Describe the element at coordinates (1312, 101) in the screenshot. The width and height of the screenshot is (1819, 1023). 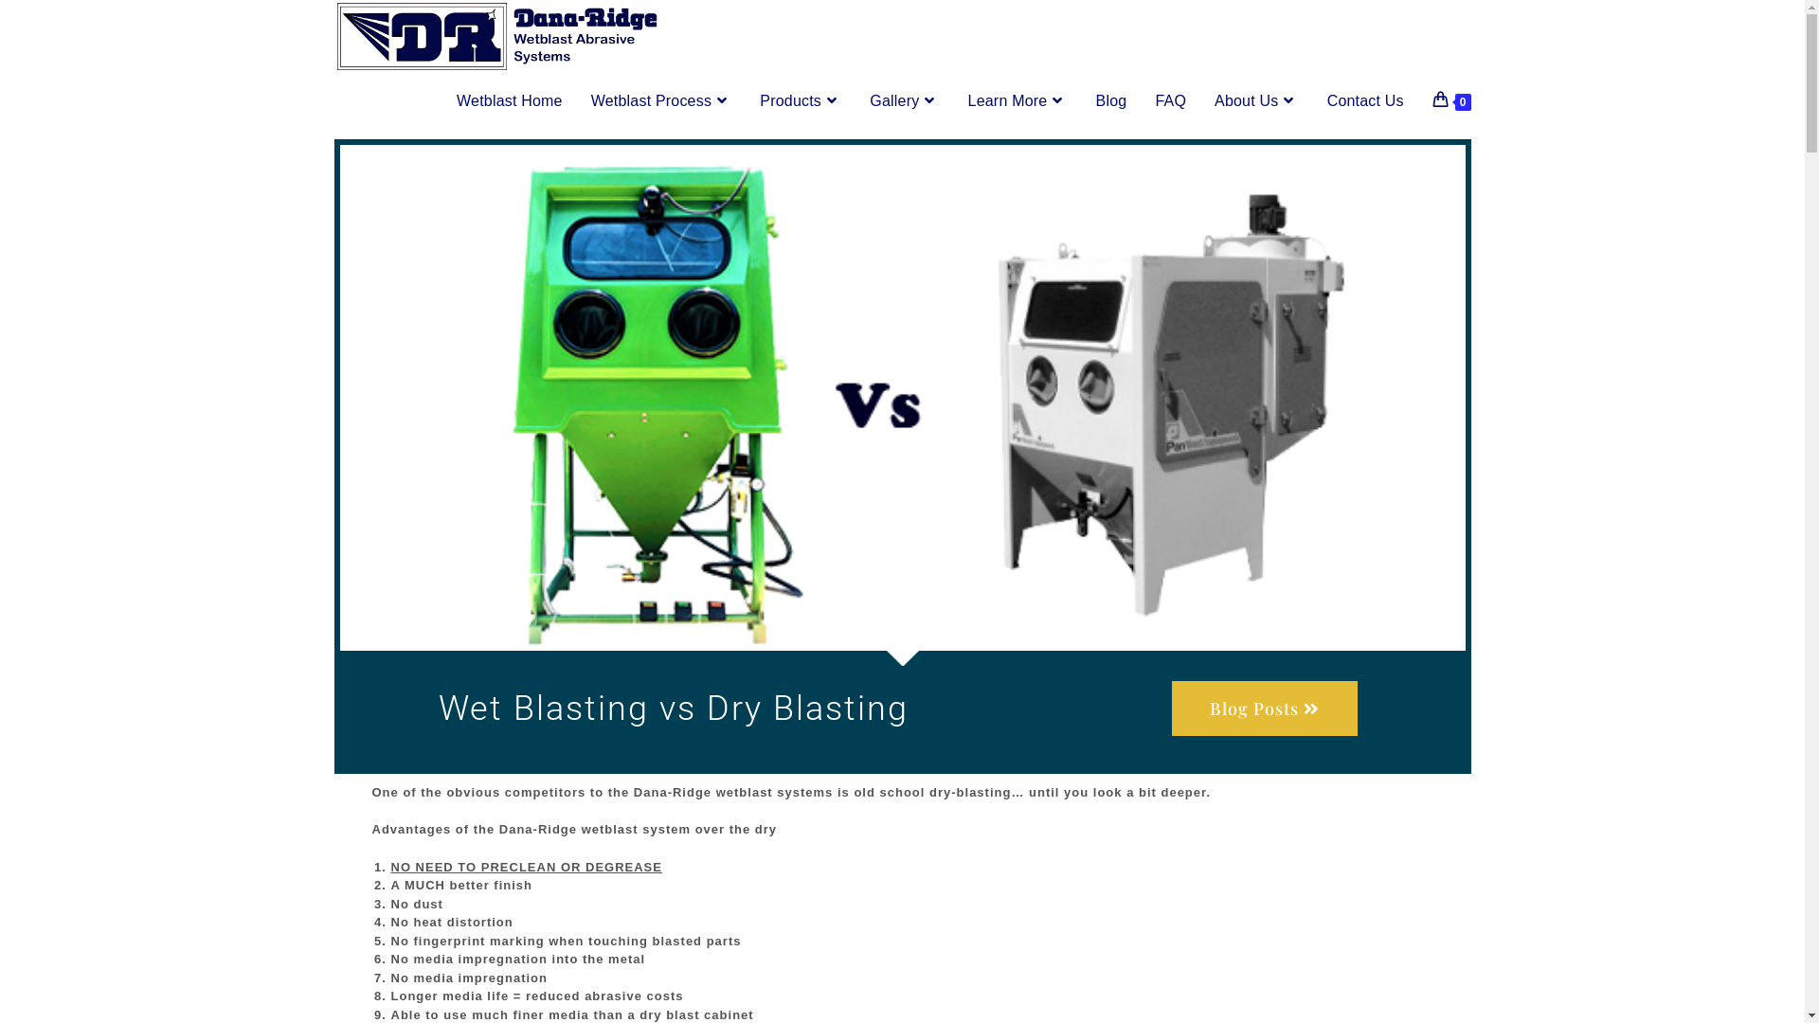
I see `'Contact Us'` at that location.